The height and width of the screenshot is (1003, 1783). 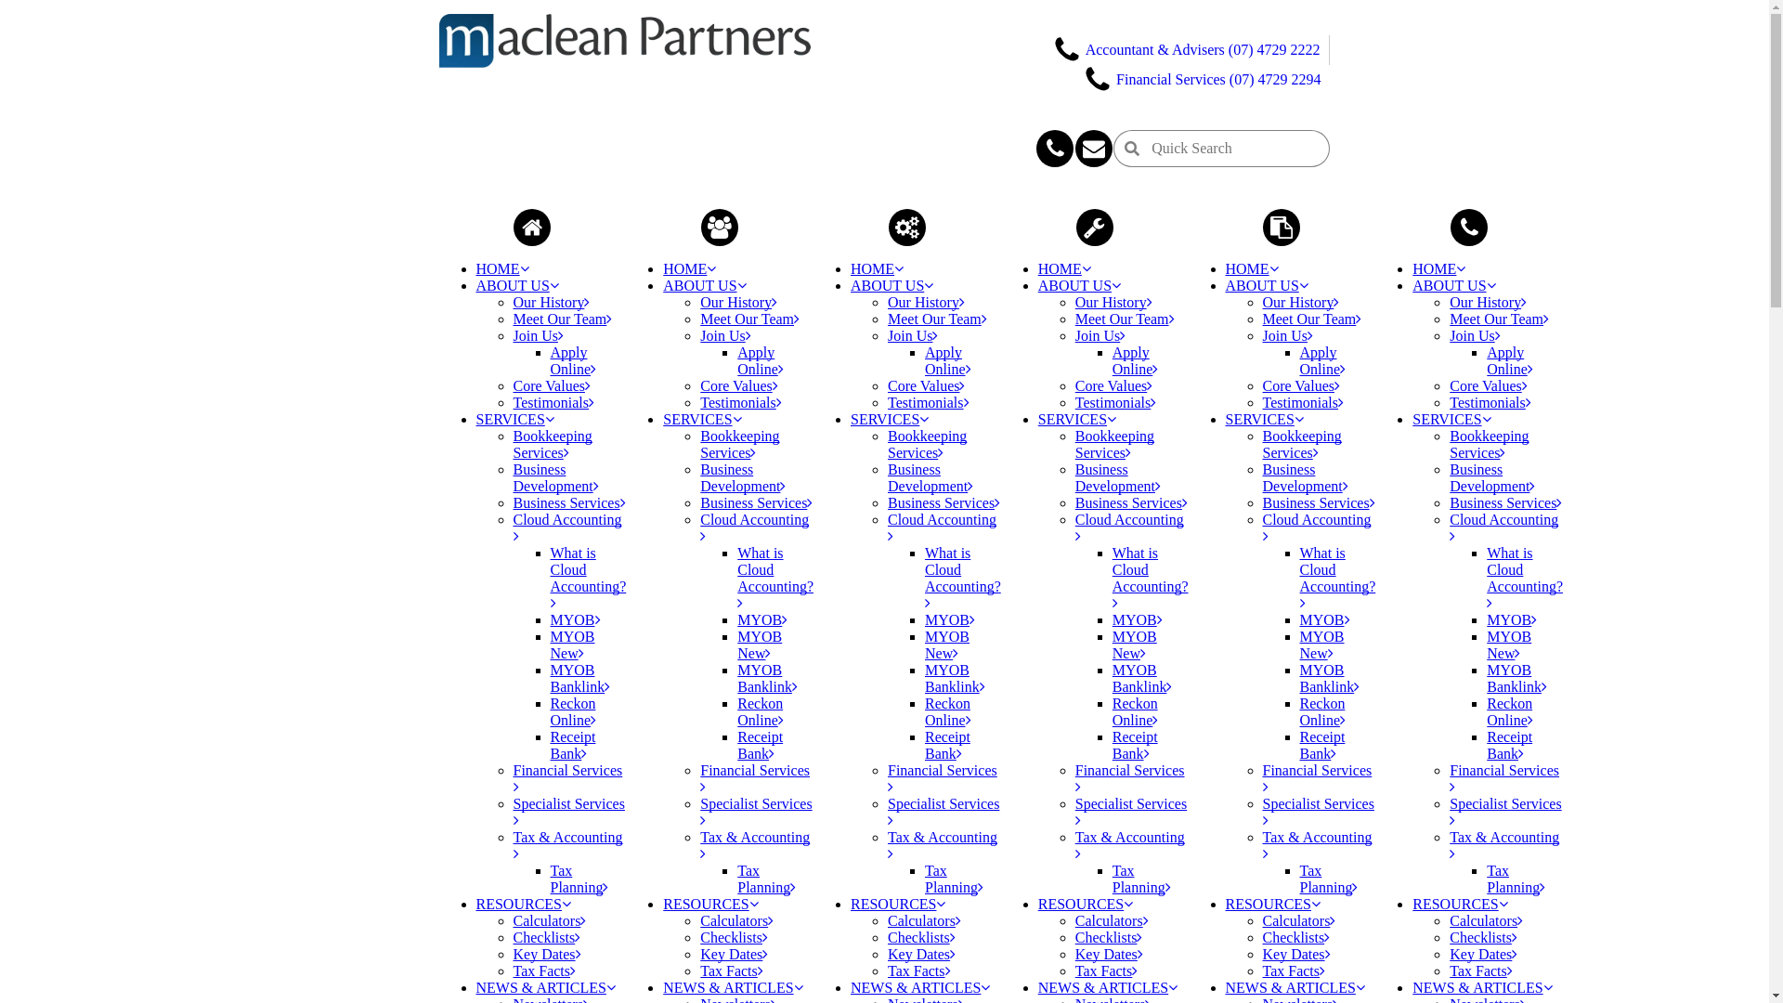 What do you see at coordinates (703, 285) in the screenshot?
I see `'ABOUT US'` at bounding box center [703, 285].